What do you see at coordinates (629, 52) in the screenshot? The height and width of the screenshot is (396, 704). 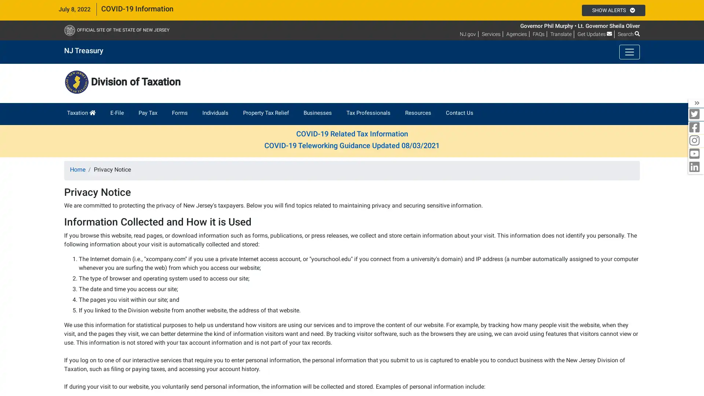 I see `Toggle navigation` at bounding box center [629, 52].